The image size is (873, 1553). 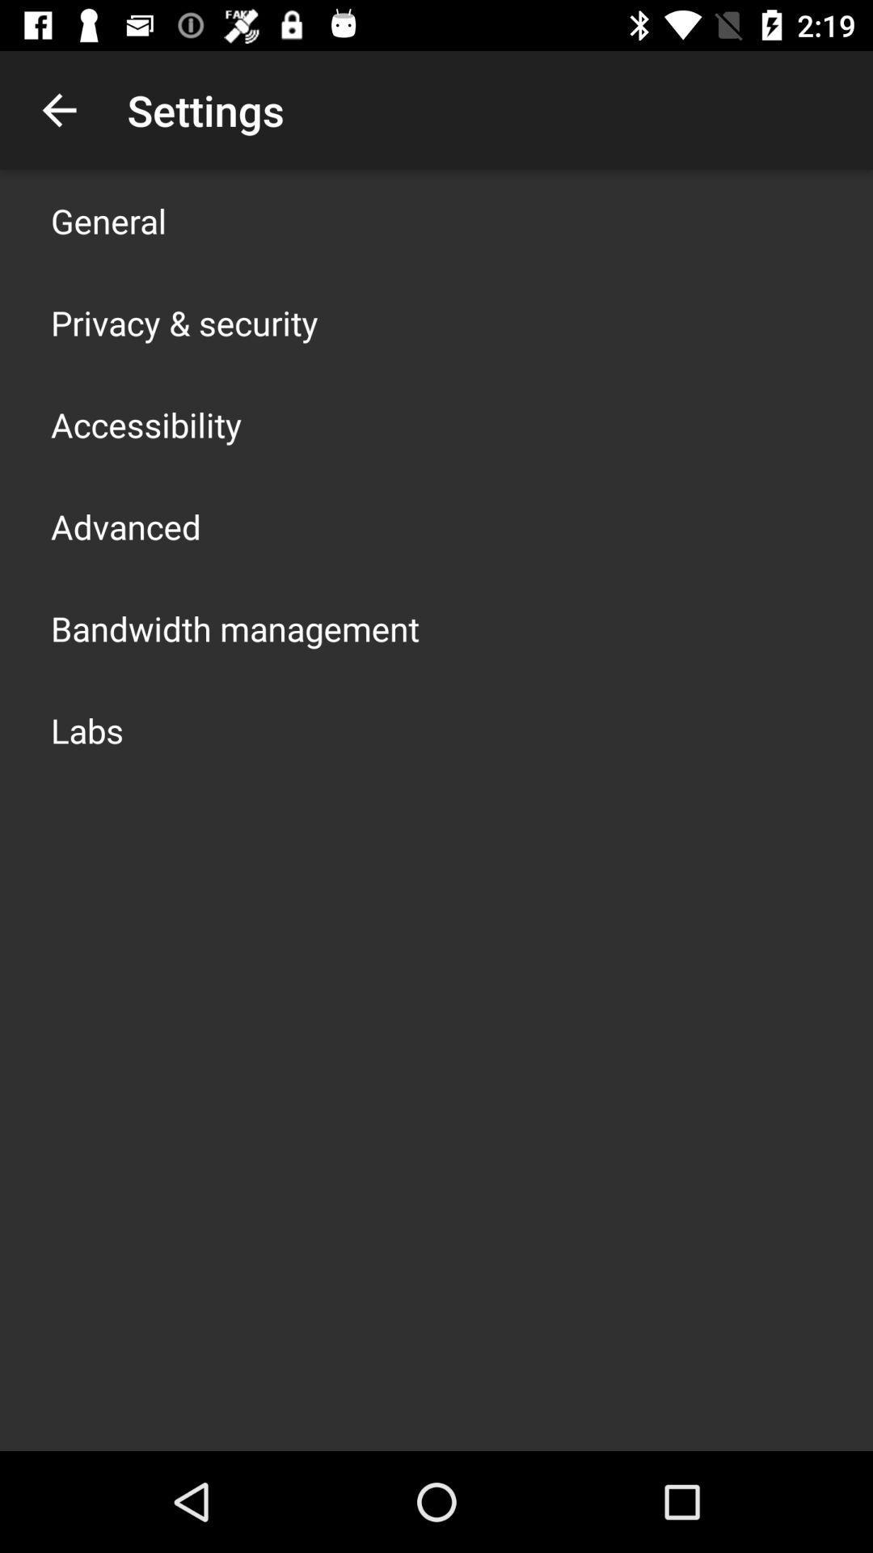 I want to click on the icon next to the settings item, so click(x=58, y=109).